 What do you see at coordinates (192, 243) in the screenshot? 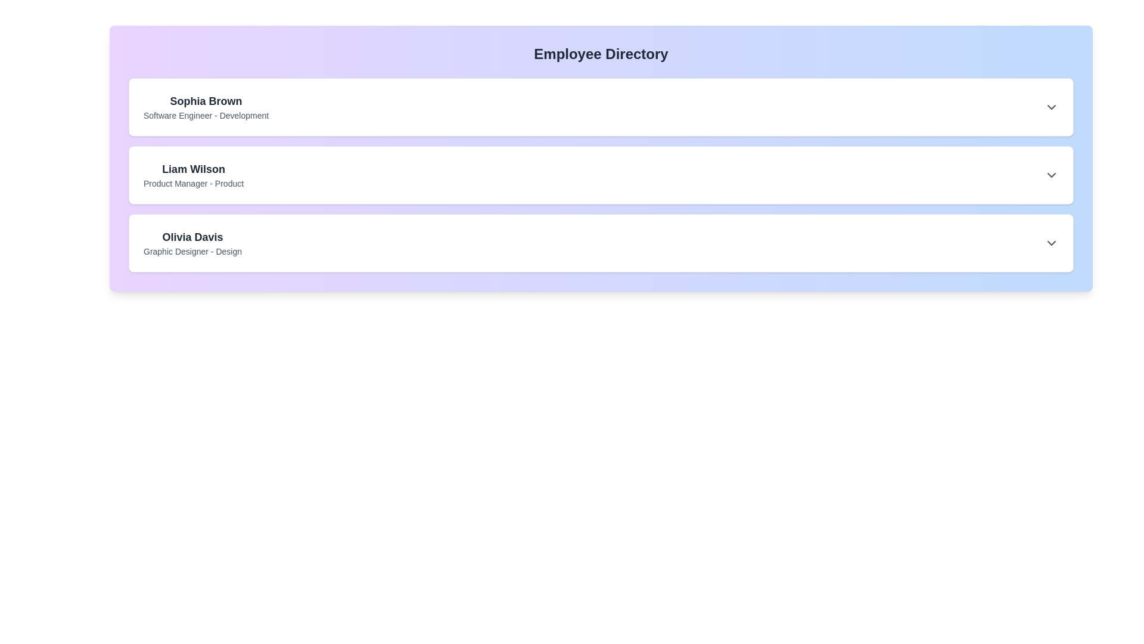
I see `the List item displaying 'Olivia Davis' and 'Graphic Designer - Design' to interact with the element` at bounding box center [192, 243].